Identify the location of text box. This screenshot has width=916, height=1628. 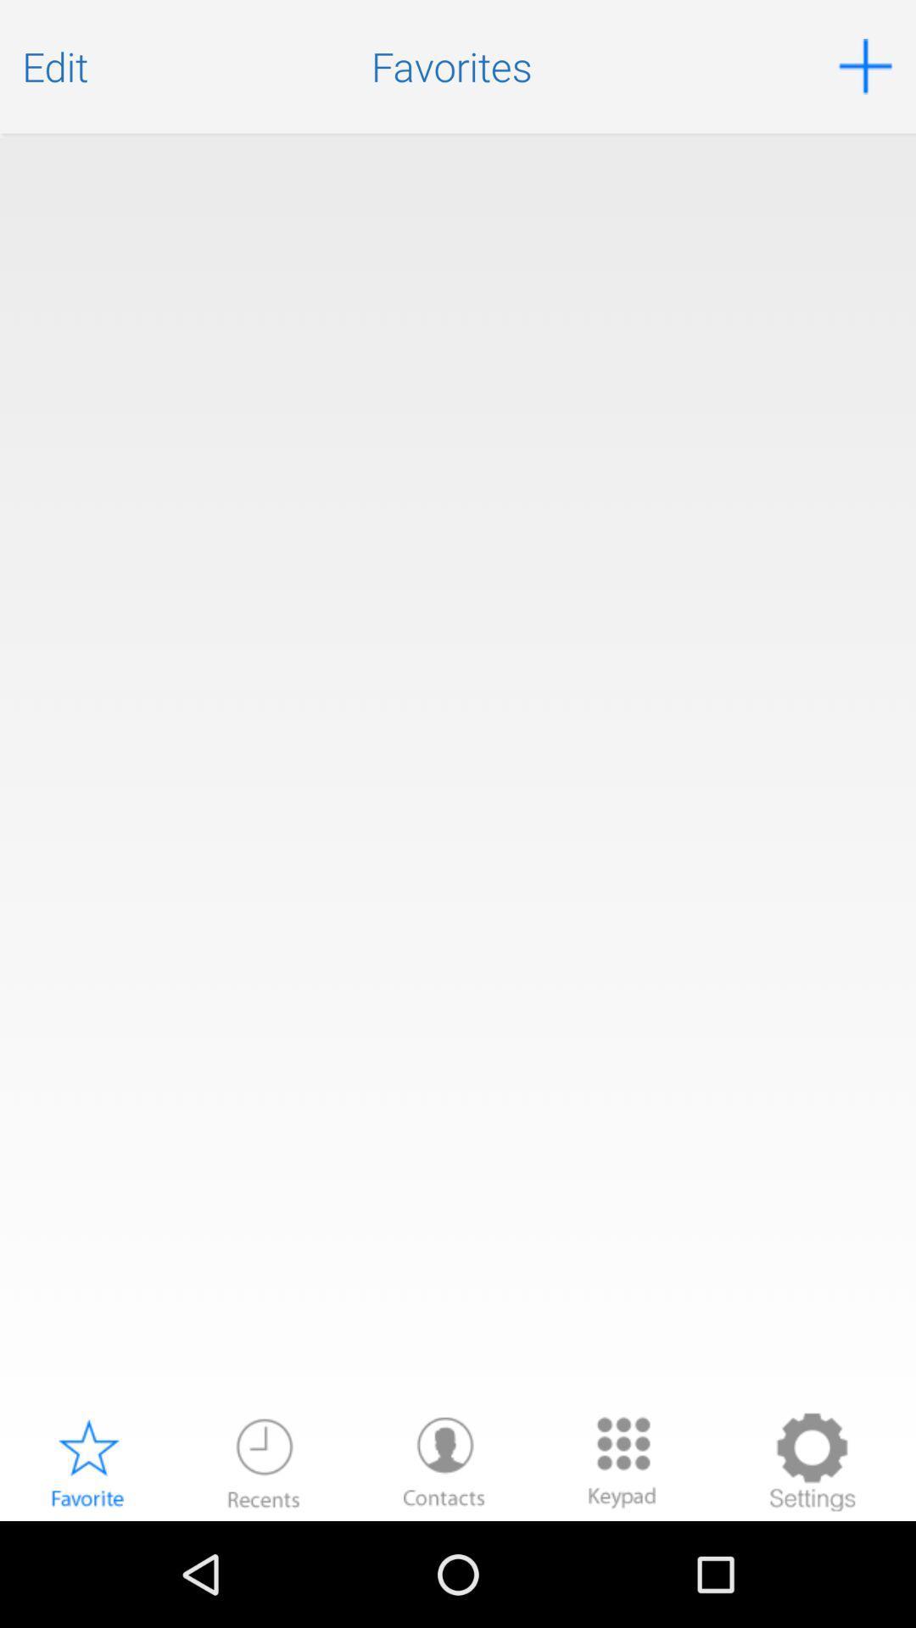
(458, 771).